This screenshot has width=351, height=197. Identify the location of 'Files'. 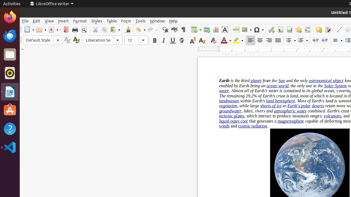
(10, 54).